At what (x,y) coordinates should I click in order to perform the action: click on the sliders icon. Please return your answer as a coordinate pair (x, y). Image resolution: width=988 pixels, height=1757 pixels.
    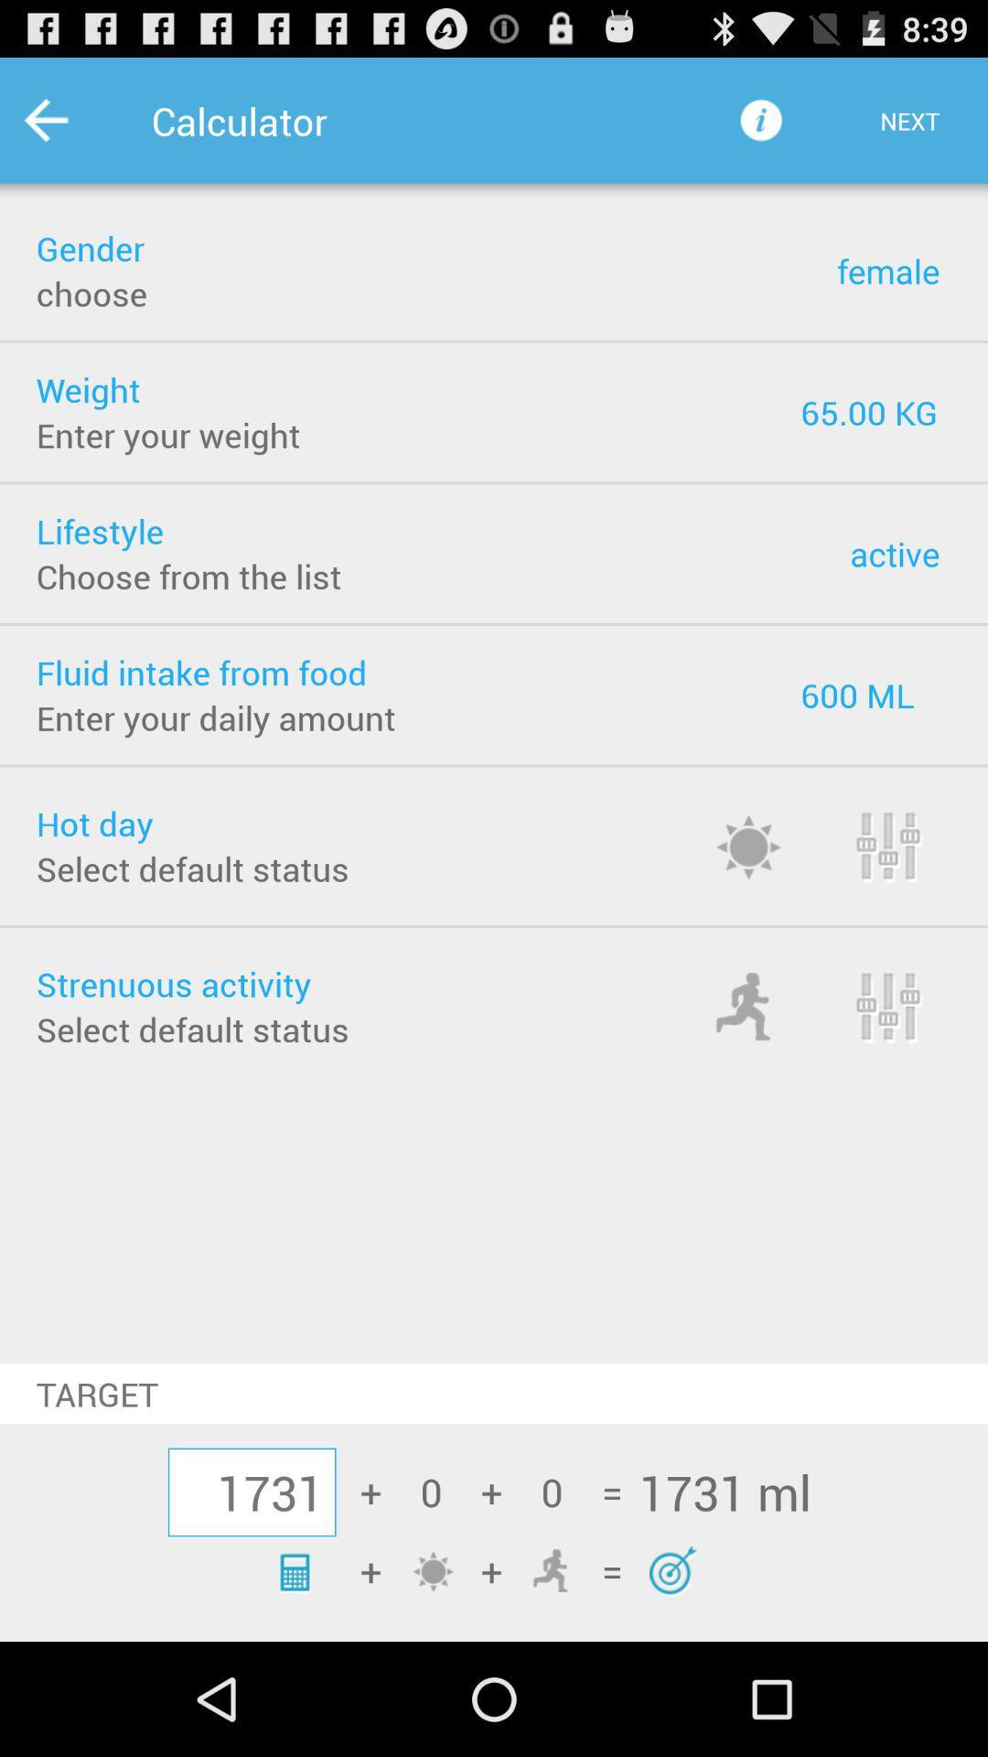
    Looking at the image, I should click on (912, 905).